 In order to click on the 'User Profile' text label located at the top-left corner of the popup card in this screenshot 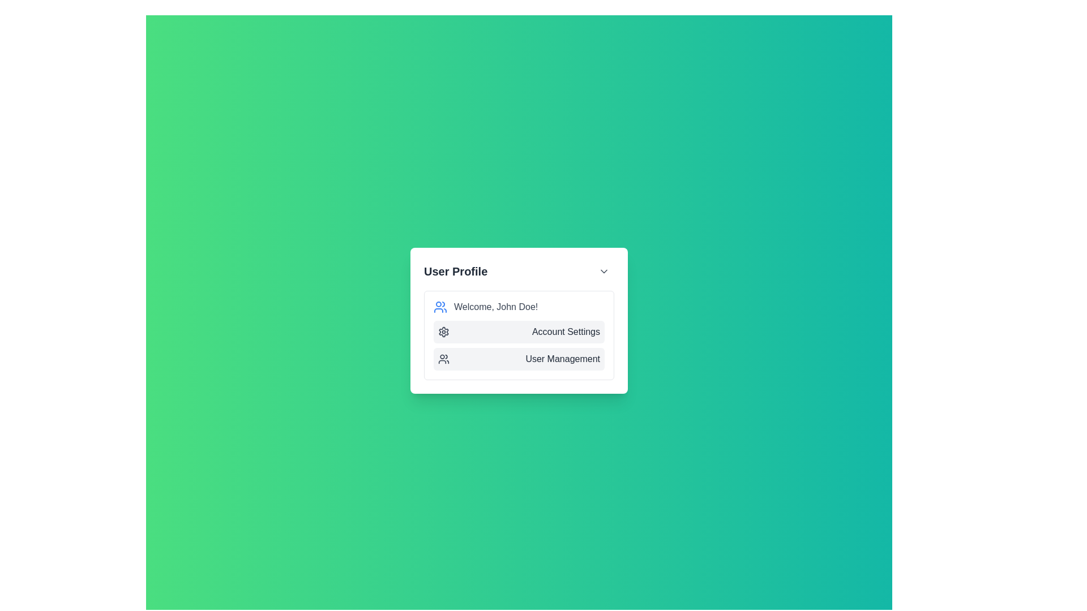, I will do `click(456, 271)`.